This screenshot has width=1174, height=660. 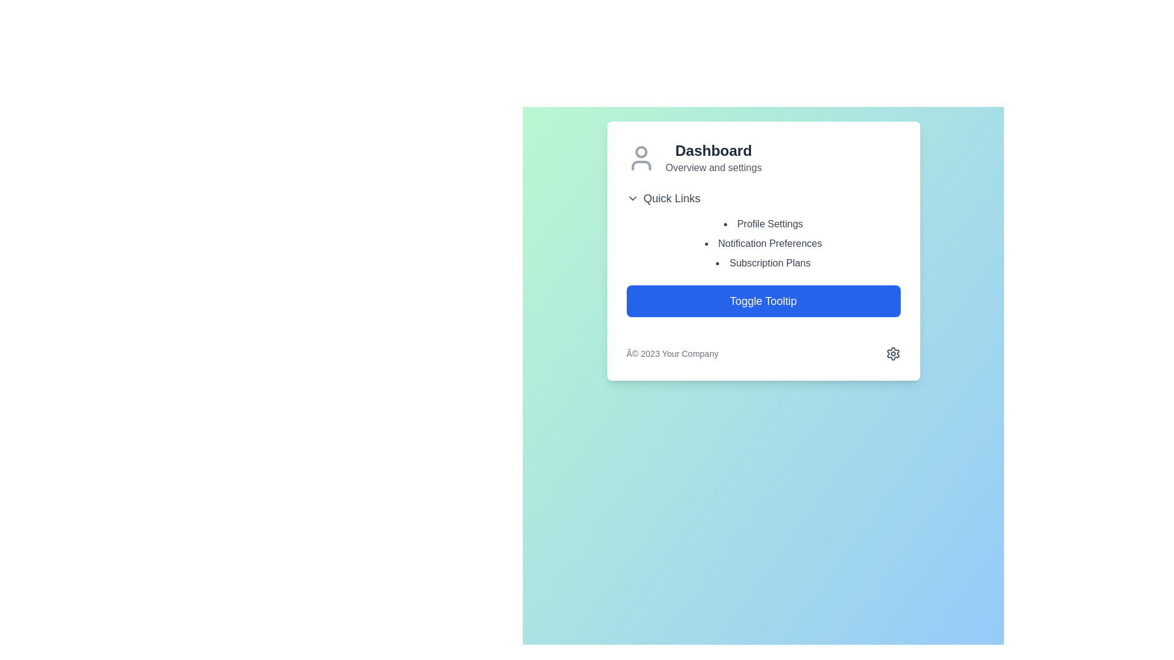 What do you see at coordinates (762, 251) in the screenshot?
I see `the 'Notification Preferences' text item in the 'Quick Links' section` at bounding box center [762, 251].